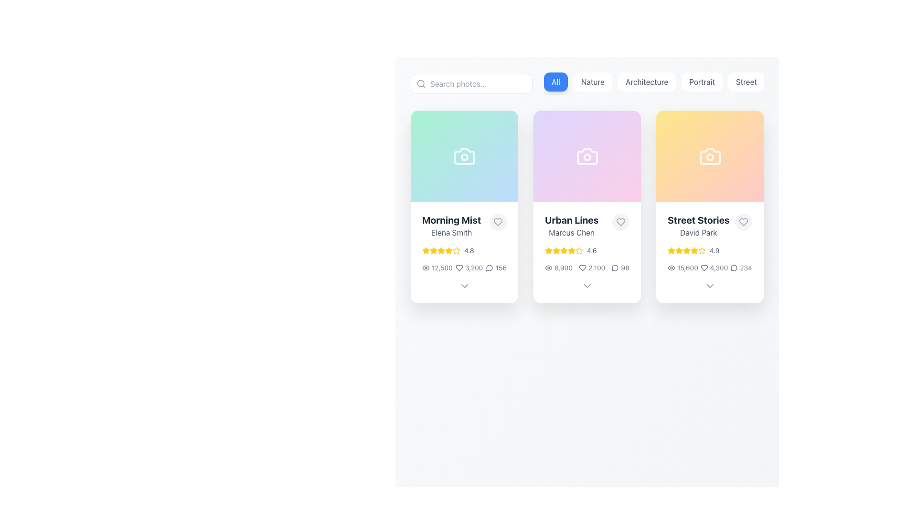 This screenshot has height=515, width=917. What do you see at coordinates (698, 233) in the screenshot?
I see `the Text label that indicates the author or owner of the content within the 'Street Stories' card, which is the third card in a series of three displayed horizontally` at bounding box center [698, 233].